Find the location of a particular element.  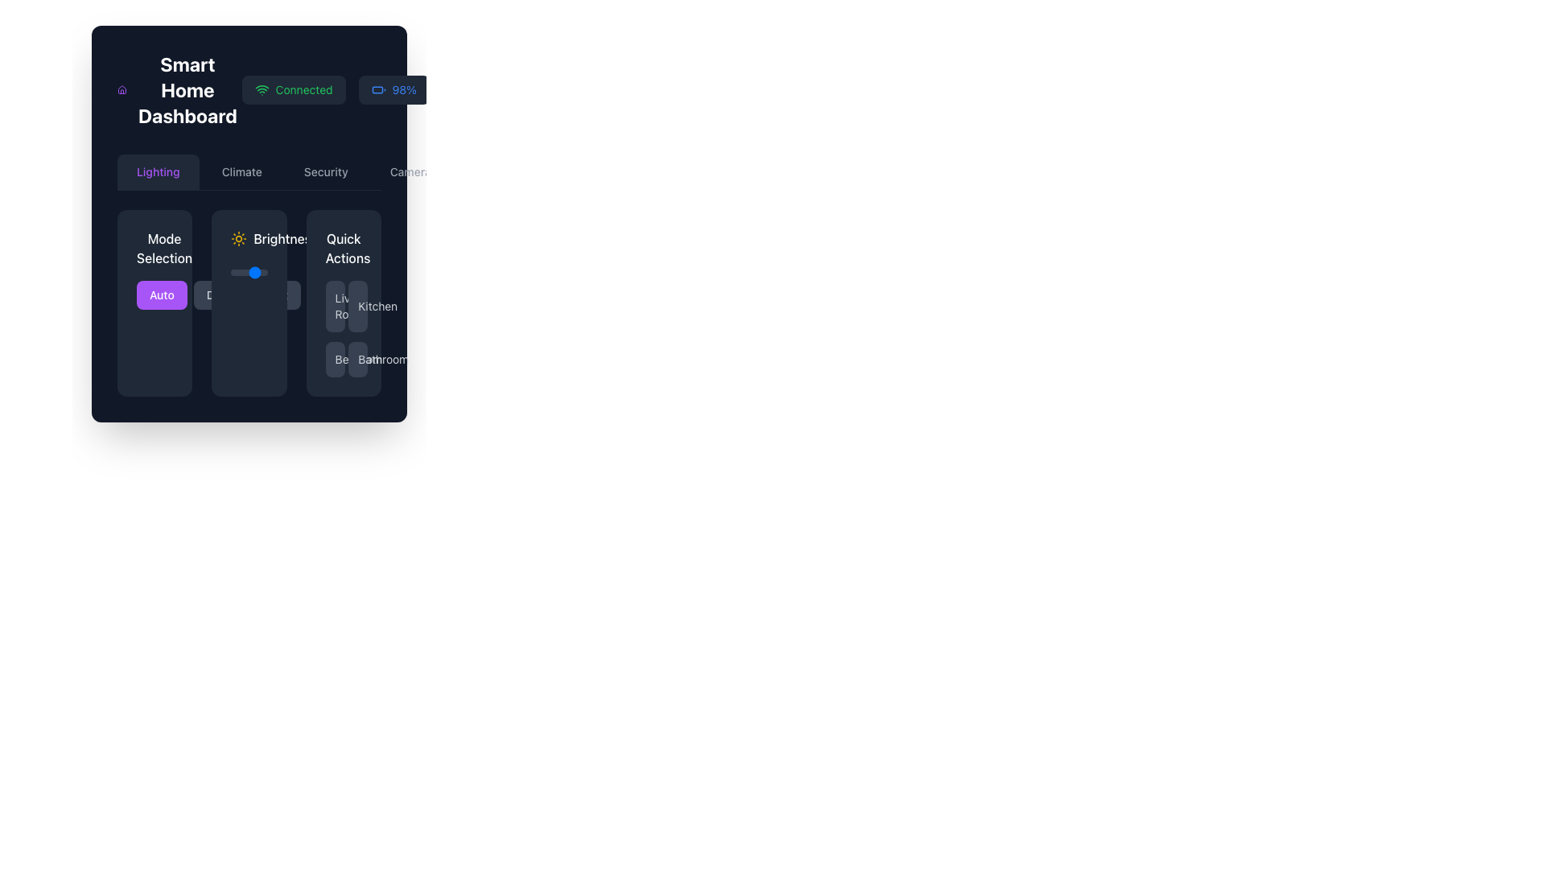

the text label displaying '75%' which is positioned to the right of the 'Brightness' label and above the 'Quick Actions' section is located at coordinates (328, 239).